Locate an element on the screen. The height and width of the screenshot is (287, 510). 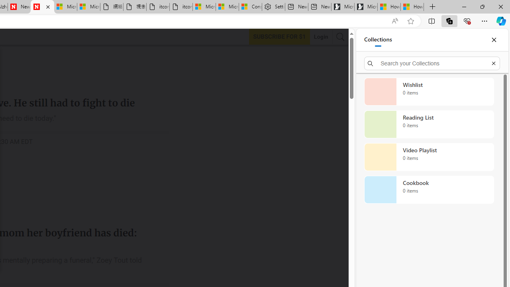
'Cookbook collection, 0 items' is located at coordinates (429, 189).